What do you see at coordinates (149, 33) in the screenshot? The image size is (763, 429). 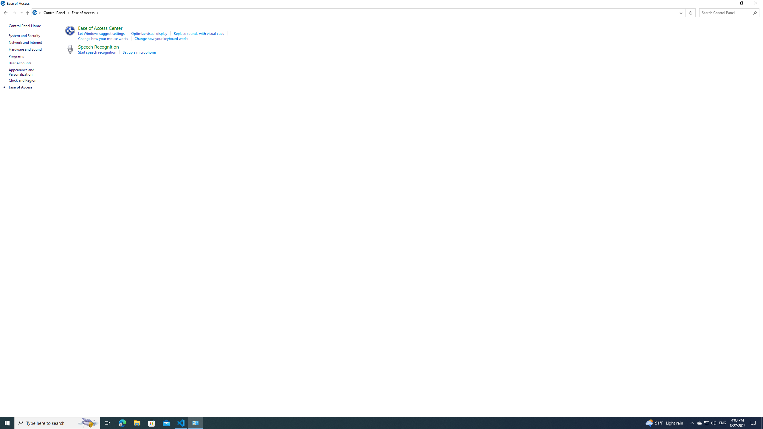 I see `'Optimize visual display'` at bounding box center [149, 33].